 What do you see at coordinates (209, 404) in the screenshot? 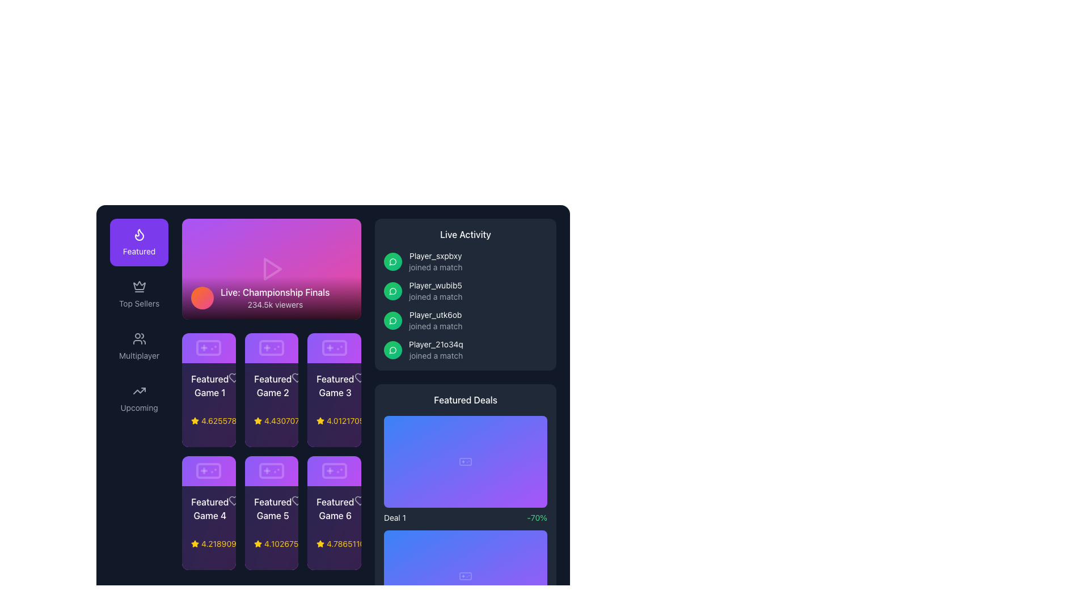
I see `the featured game card in the first cell of the top row in the 'Featured Games' section` at bounding box center [209, 404].